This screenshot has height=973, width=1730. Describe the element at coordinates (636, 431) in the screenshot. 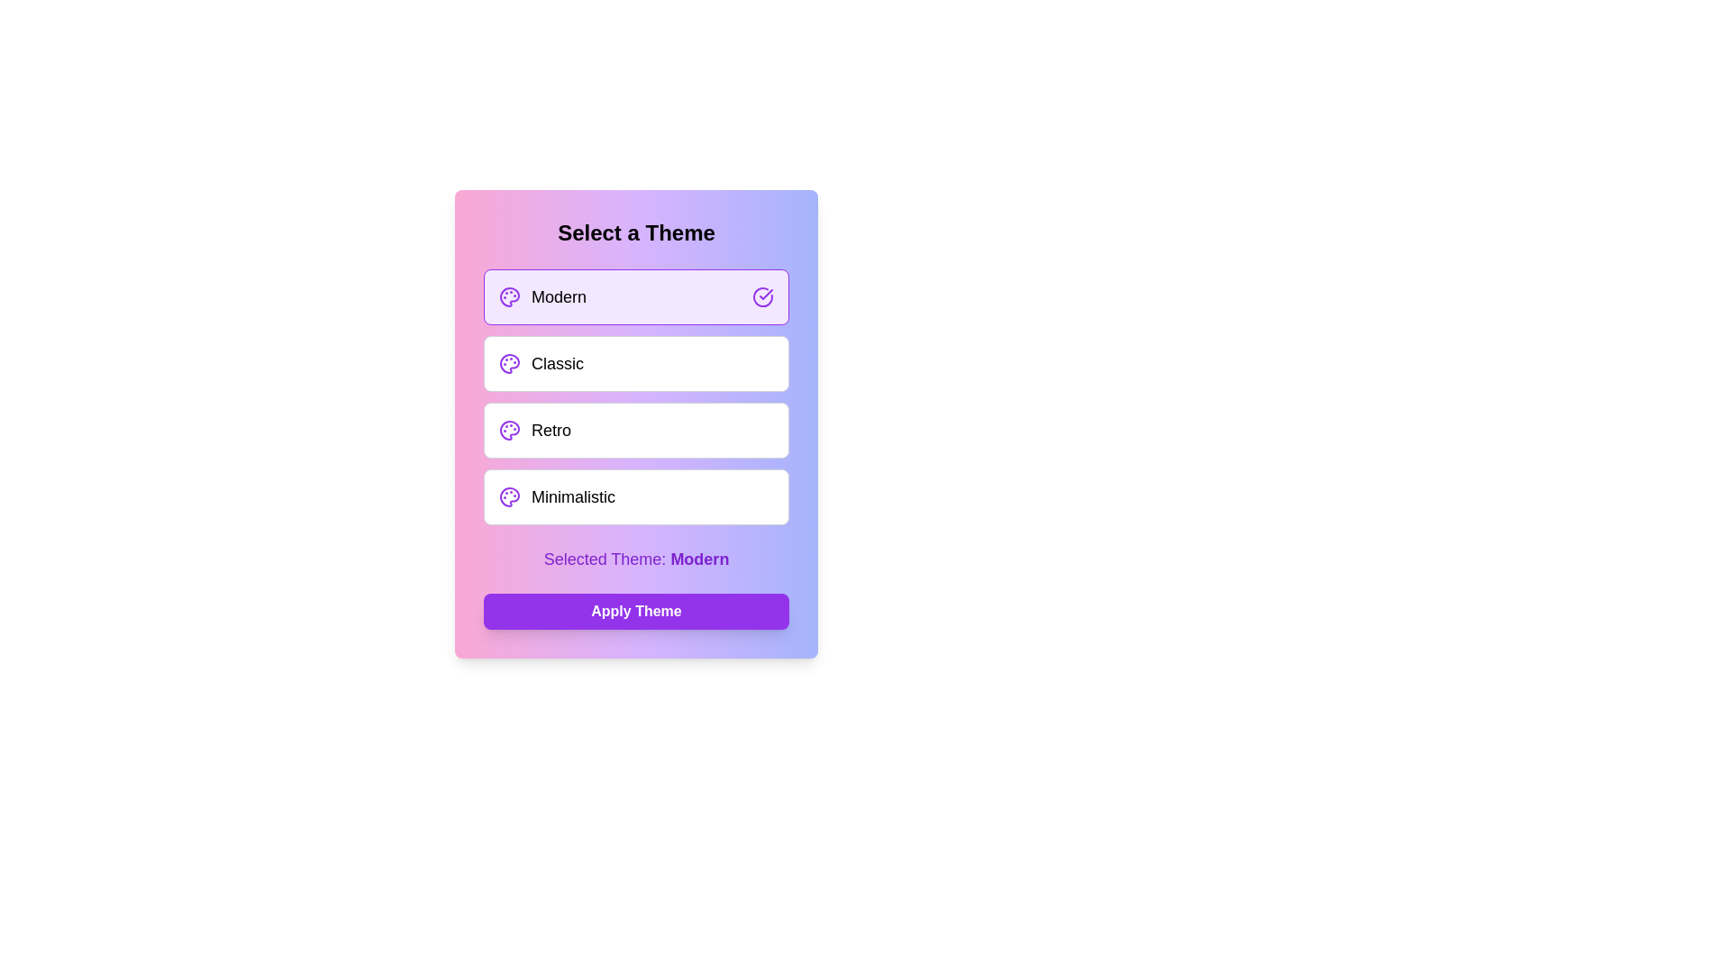

I see `the 'Retro' option button, which is the third item in the 'Select a Theme' list` at that location.